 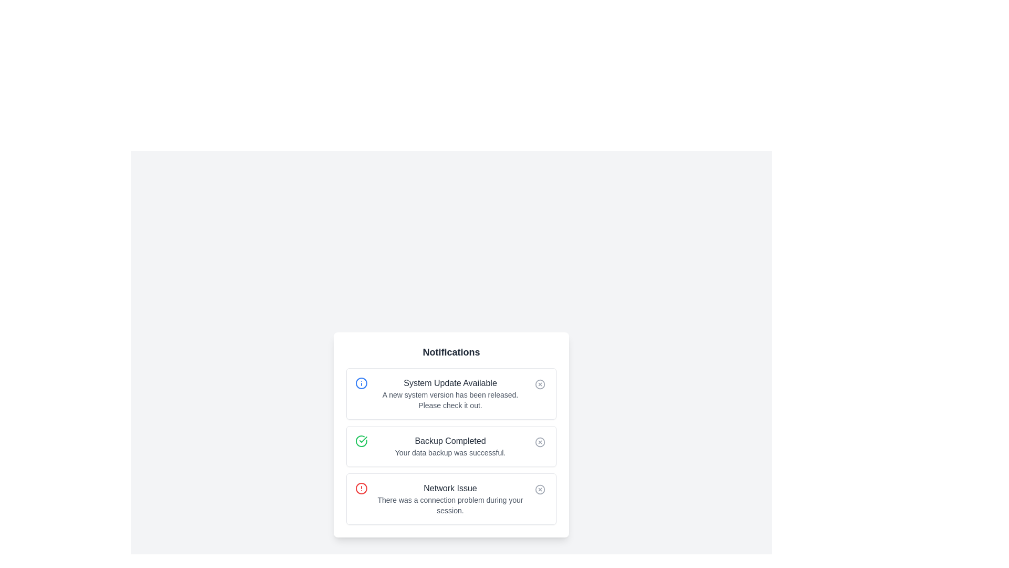 What do you see at coordinates (450, 446) in the screenshot?
I see `notification message indicating that the data backup process has been successfully completed, located in the middle of the notification panel as the second item in a list of three notifications` at bounding box center [450, 446].